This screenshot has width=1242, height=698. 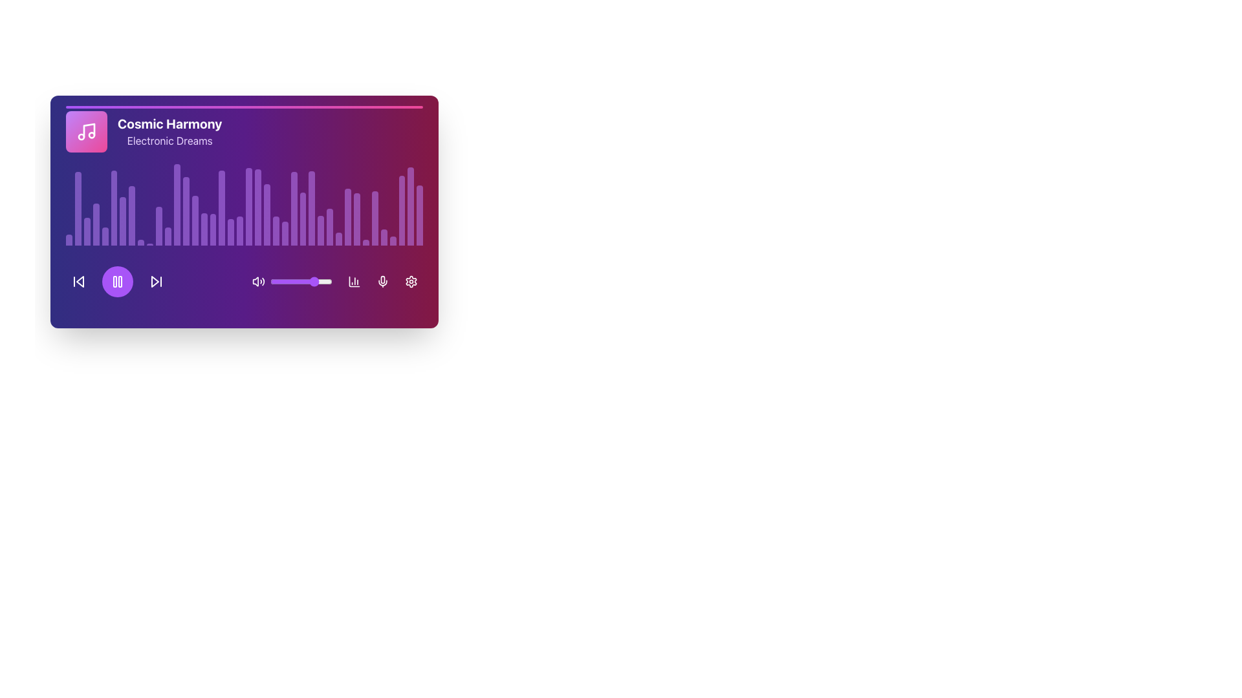 I want to click on the 27th vertical bar of the visual equalizer or graph that represents data or audio levels, so click(x=321, y=229).